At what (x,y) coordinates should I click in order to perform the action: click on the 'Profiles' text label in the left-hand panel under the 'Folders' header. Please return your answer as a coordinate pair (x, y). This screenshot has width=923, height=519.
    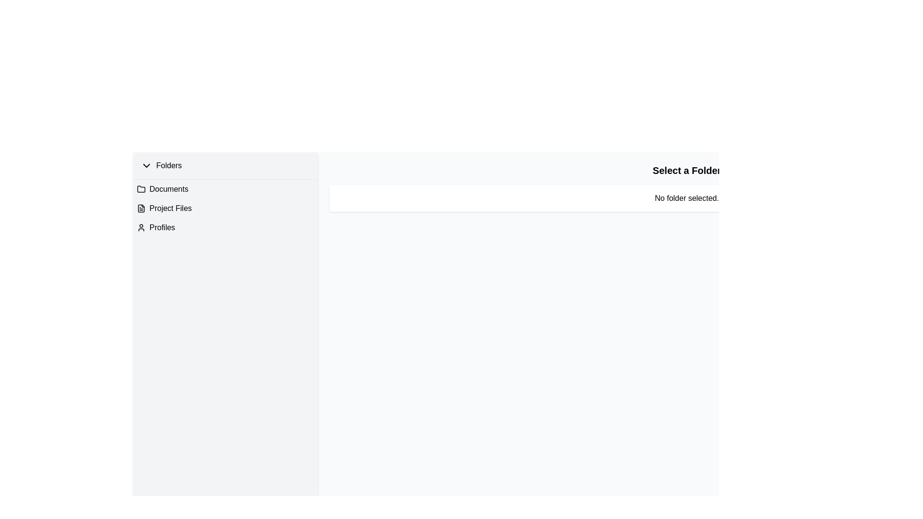
    Looking at the image, I should click on (162, 228).